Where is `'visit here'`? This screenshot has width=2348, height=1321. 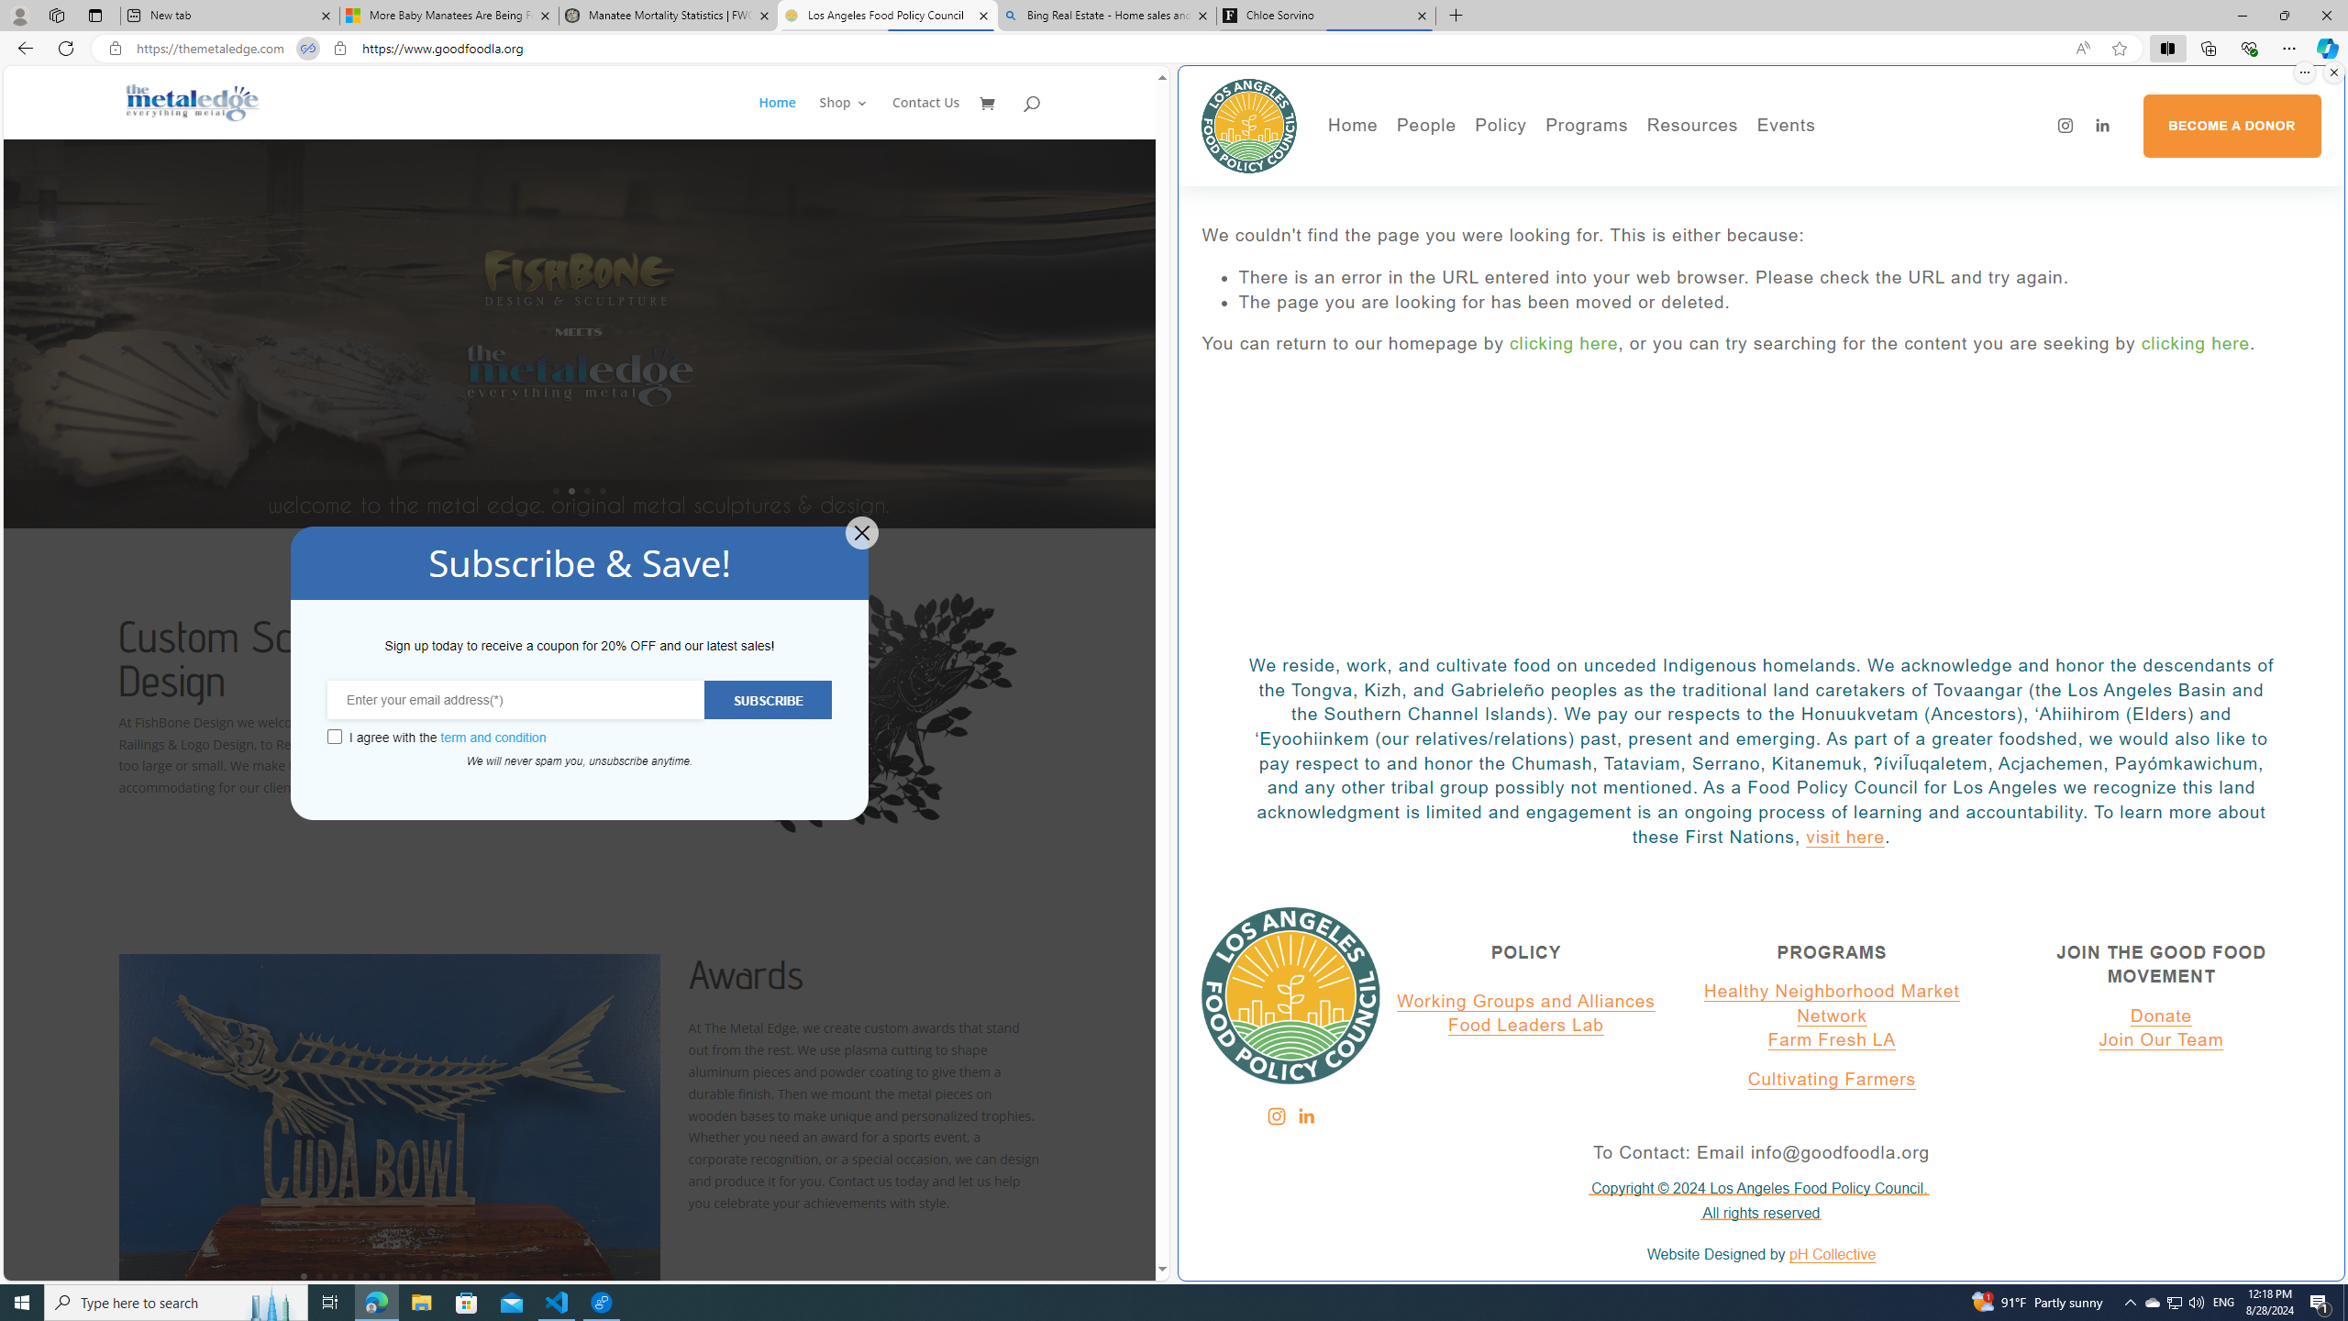
'visit here' is located at coordinates (1844, 836).